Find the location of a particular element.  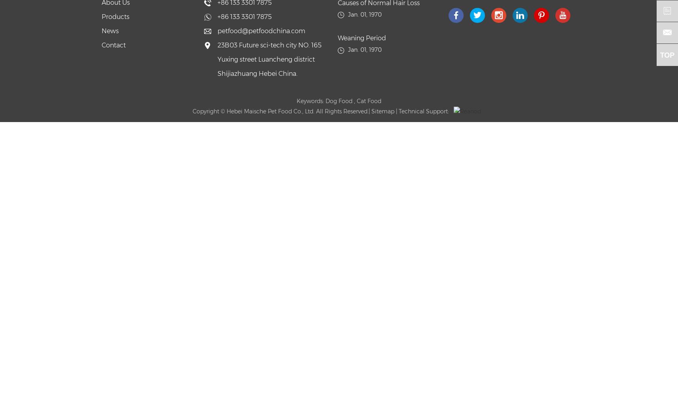

'Dog Food' is located at coordinates (339, 101).